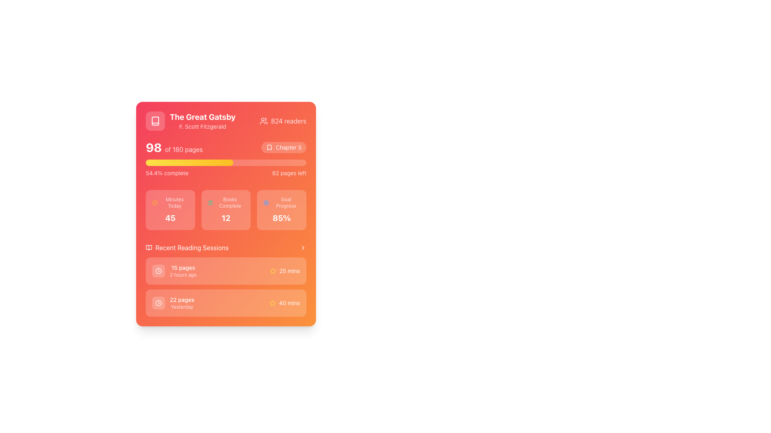 The width and height of the screenshot is (771, 433). I want to click on the Text label that serves as a heading for recent reading sessions, located centrally below the statistics modules and above the list of recent reading sessions, so click(192, 247).